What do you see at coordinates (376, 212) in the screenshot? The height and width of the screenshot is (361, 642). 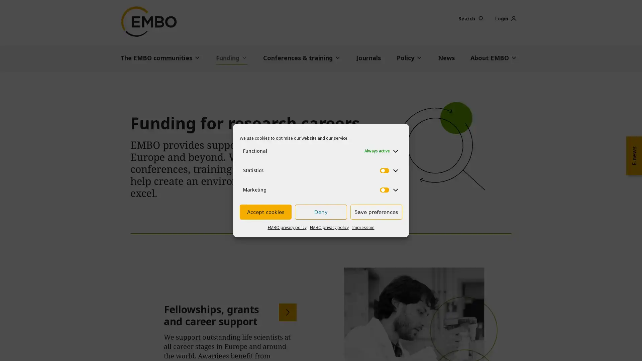 I see `Save preferences` at bounding box center [376, 212].